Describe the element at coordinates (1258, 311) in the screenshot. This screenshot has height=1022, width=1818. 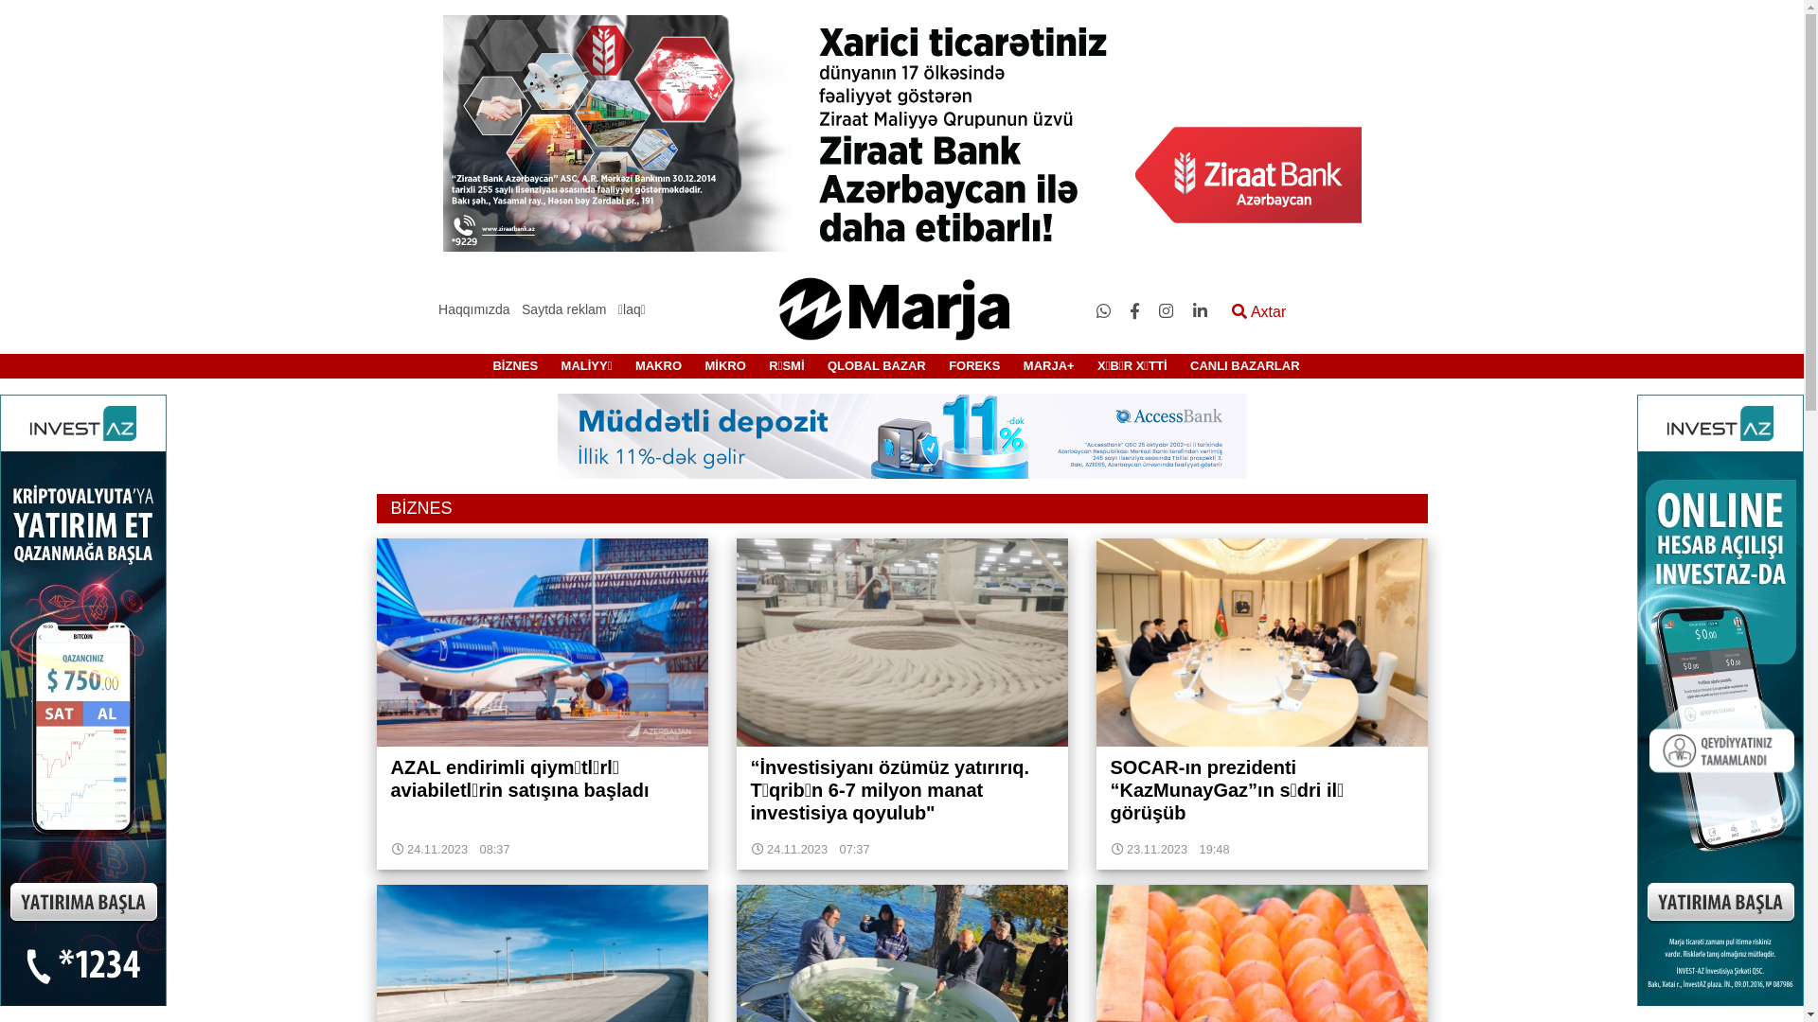
I see `'Axtar'` at that location.